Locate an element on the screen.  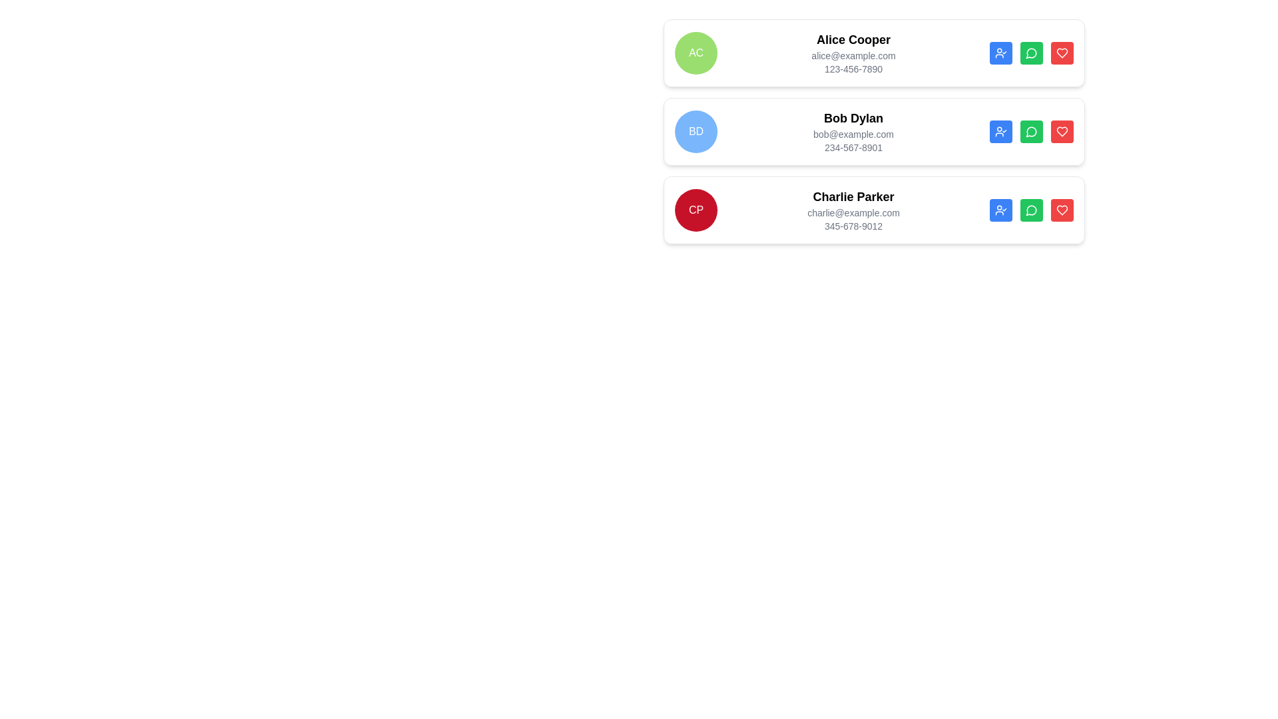
the text label displaying the email address 'bob@example.com', which is located in the middle card of a vertical list of contact cards, positioned directly below the name 'Bob Dylan' is located at coordinates (853, 134).